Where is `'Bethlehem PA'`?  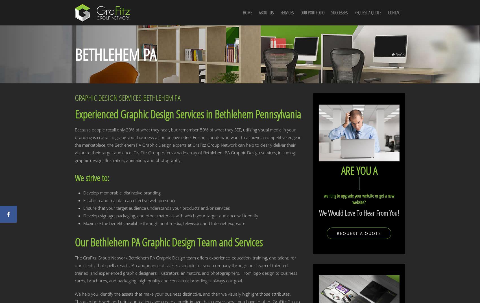
'Bethlehem PA' is located at coordinates (115, 54).